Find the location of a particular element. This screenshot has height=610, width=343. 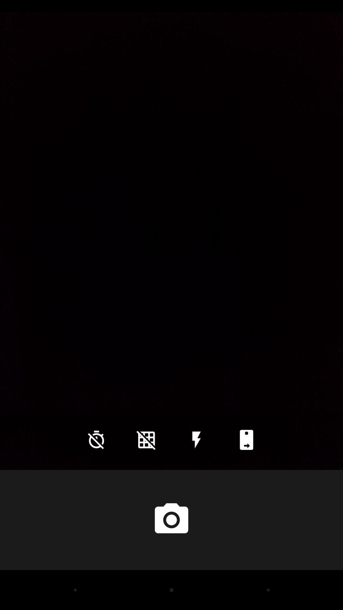

item at the bottom right corner is located at coordinates (246, 439).